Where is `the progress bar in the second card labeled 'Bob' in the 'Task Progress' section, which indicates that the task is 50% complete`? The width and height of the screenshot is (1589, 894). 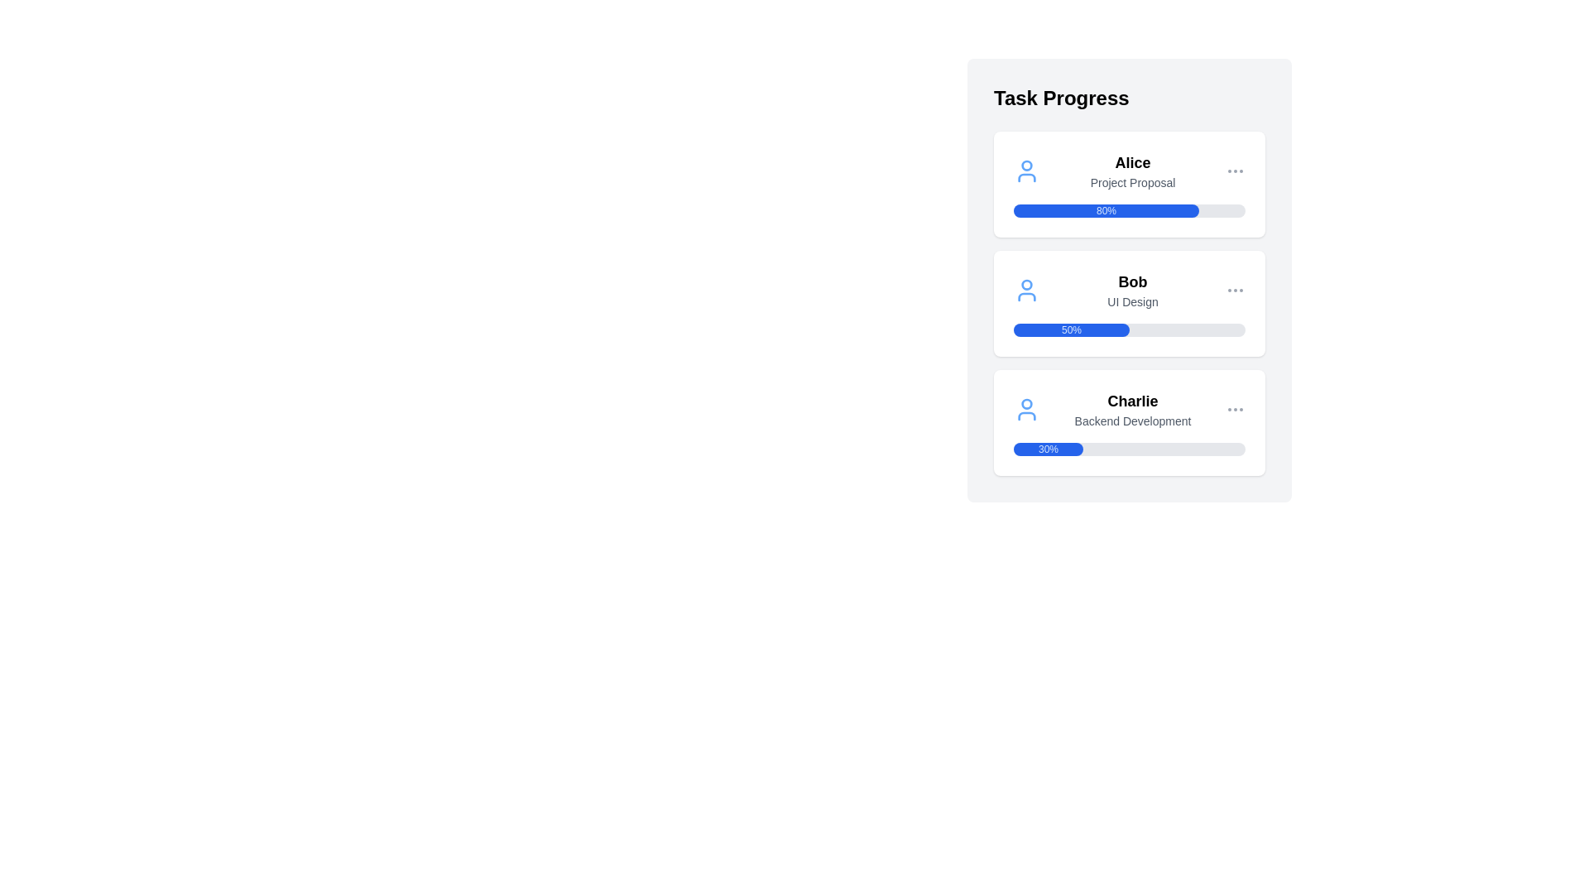
the progress bar in the second card labeled 'Bob' in the 'Task Progress' section, which indicates that the task is 50% complete is located at coordinates (1128, 329).